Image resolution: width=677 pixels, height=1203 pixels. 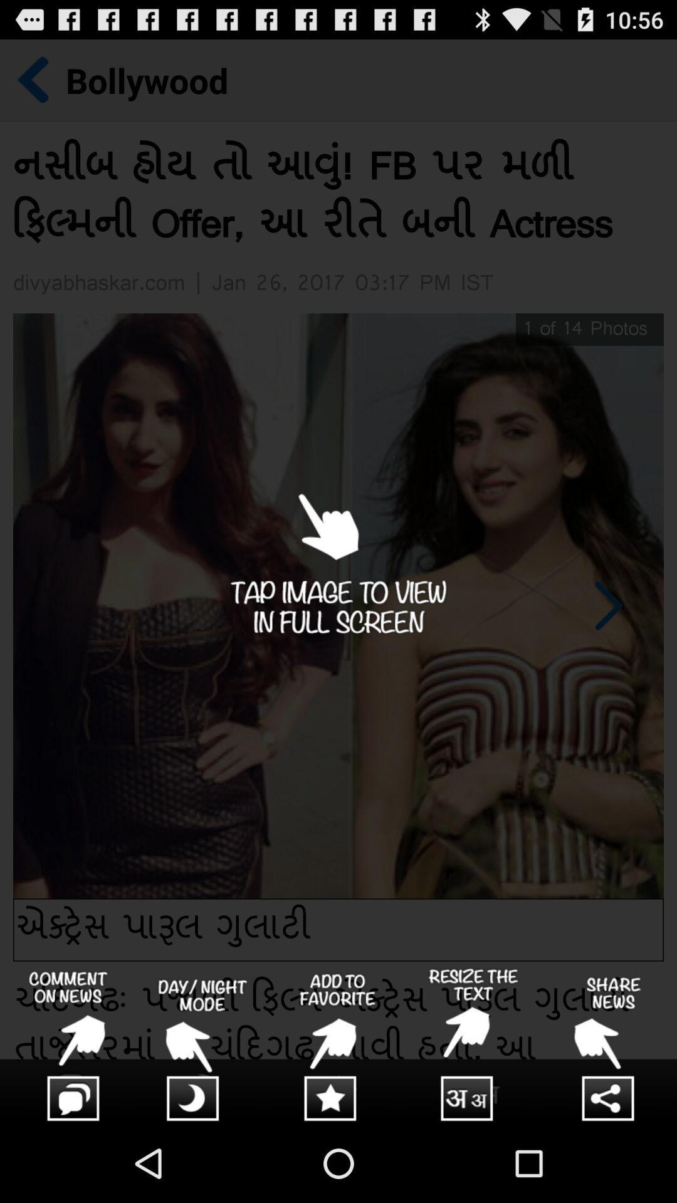 What do you see at coordinates (338, 581) in the screenshot?
I see `full screen option` at bounding box center [338, 581].